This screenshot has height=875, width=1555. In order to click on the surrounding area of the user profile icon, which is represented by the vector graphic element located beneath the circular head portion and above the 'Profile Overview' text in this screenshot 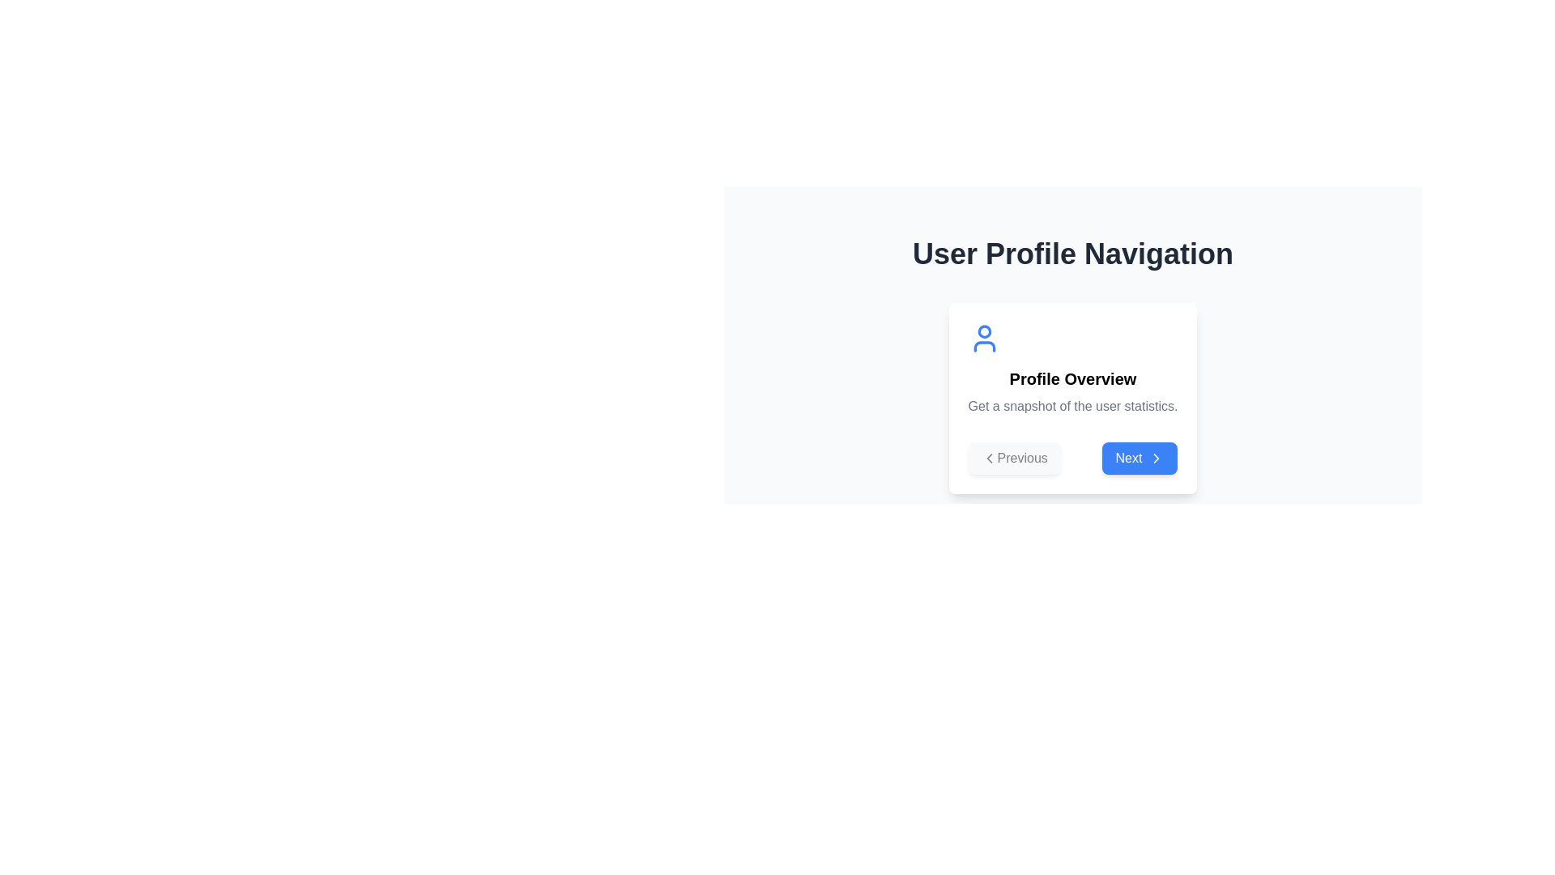, I will do `click(983, 346)`.